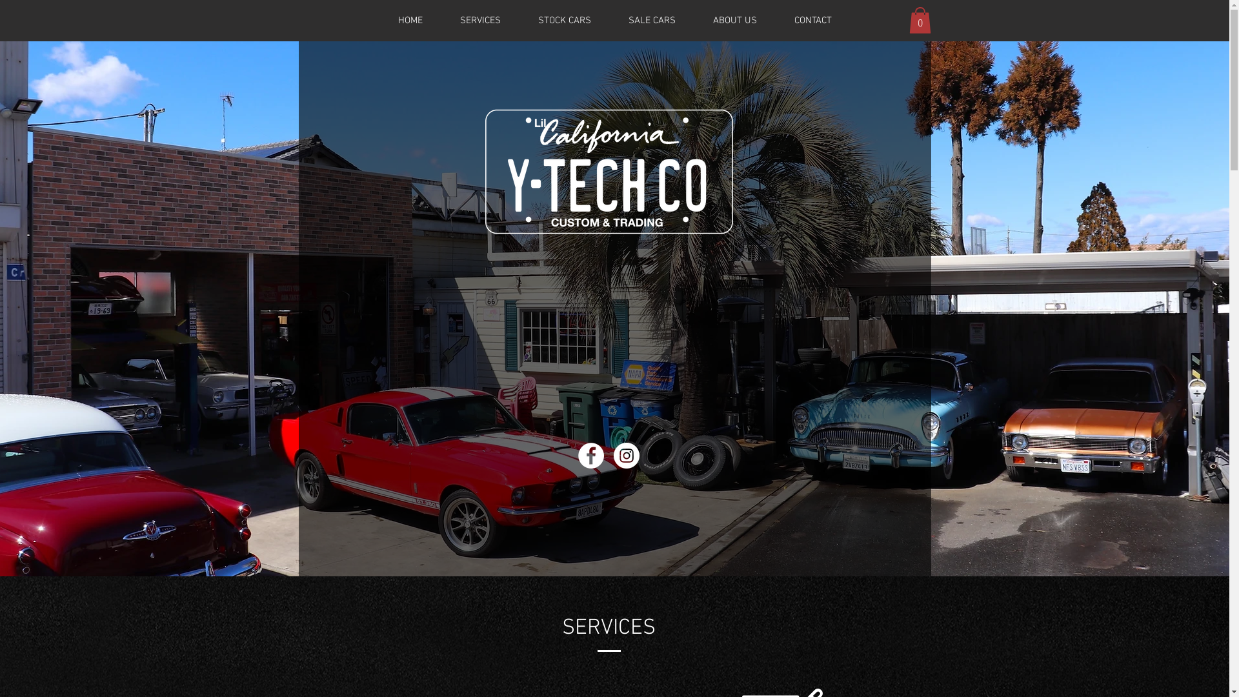 Image resolution: width=1239 pixels, height=697 pixels. I want to click on 'CONTACT', so click(812, 20).